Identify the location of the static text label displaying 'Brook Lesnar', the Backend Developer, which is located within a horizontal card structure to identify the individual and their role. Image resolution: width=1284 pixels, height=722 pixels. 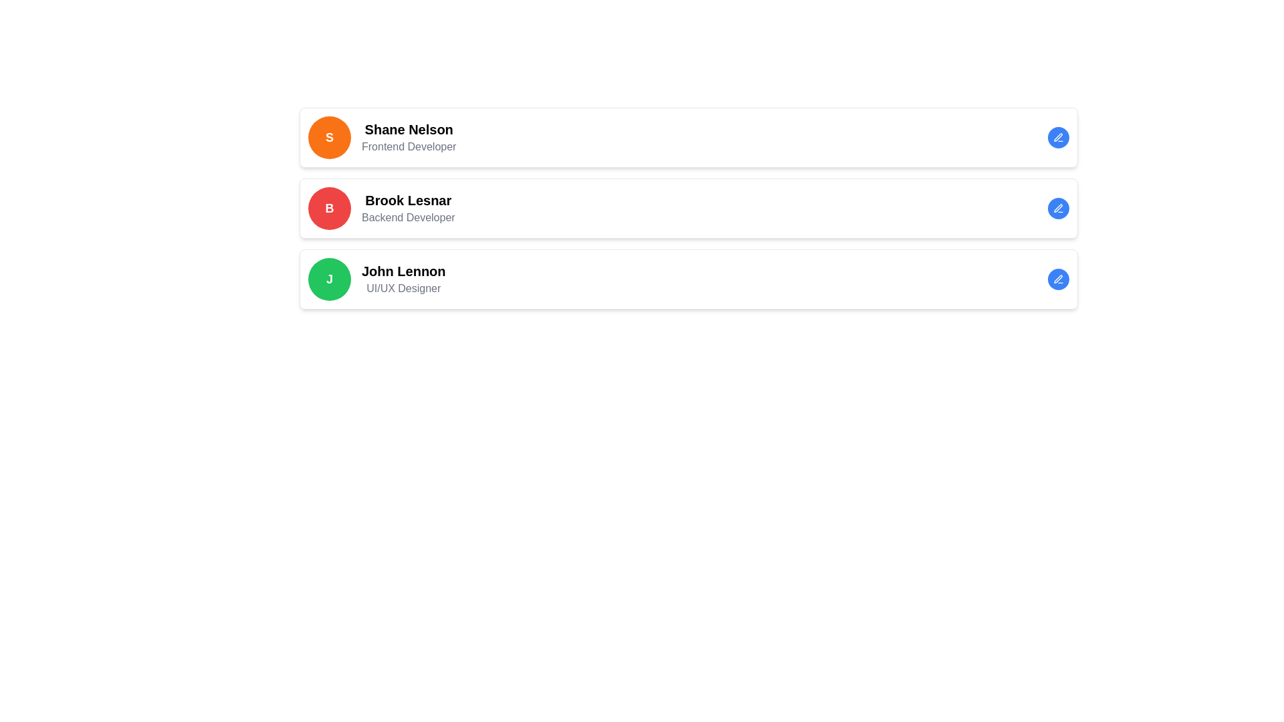
(407, 209).